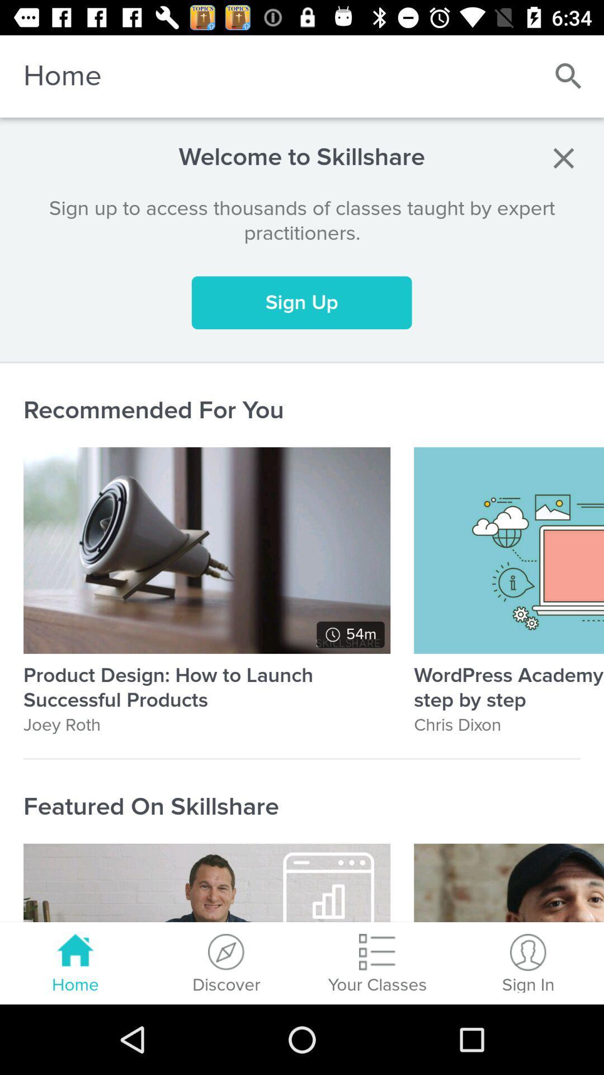 The image size is (604, 1075). Describe the element at coordinates (563, 157) in the screenshot. I see `the item next to welcome to skillshare icon` at that location.